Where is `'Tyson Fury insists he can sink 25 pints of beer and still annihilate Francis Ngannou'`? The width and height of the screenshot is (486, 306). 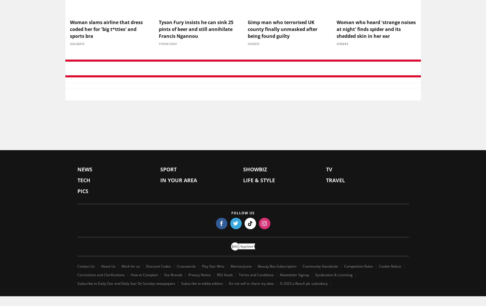 'Tyson Fury insists he can sink 25 pints of beer and still annihilate Francis Ngannou' is located at coordinates (196, 30).